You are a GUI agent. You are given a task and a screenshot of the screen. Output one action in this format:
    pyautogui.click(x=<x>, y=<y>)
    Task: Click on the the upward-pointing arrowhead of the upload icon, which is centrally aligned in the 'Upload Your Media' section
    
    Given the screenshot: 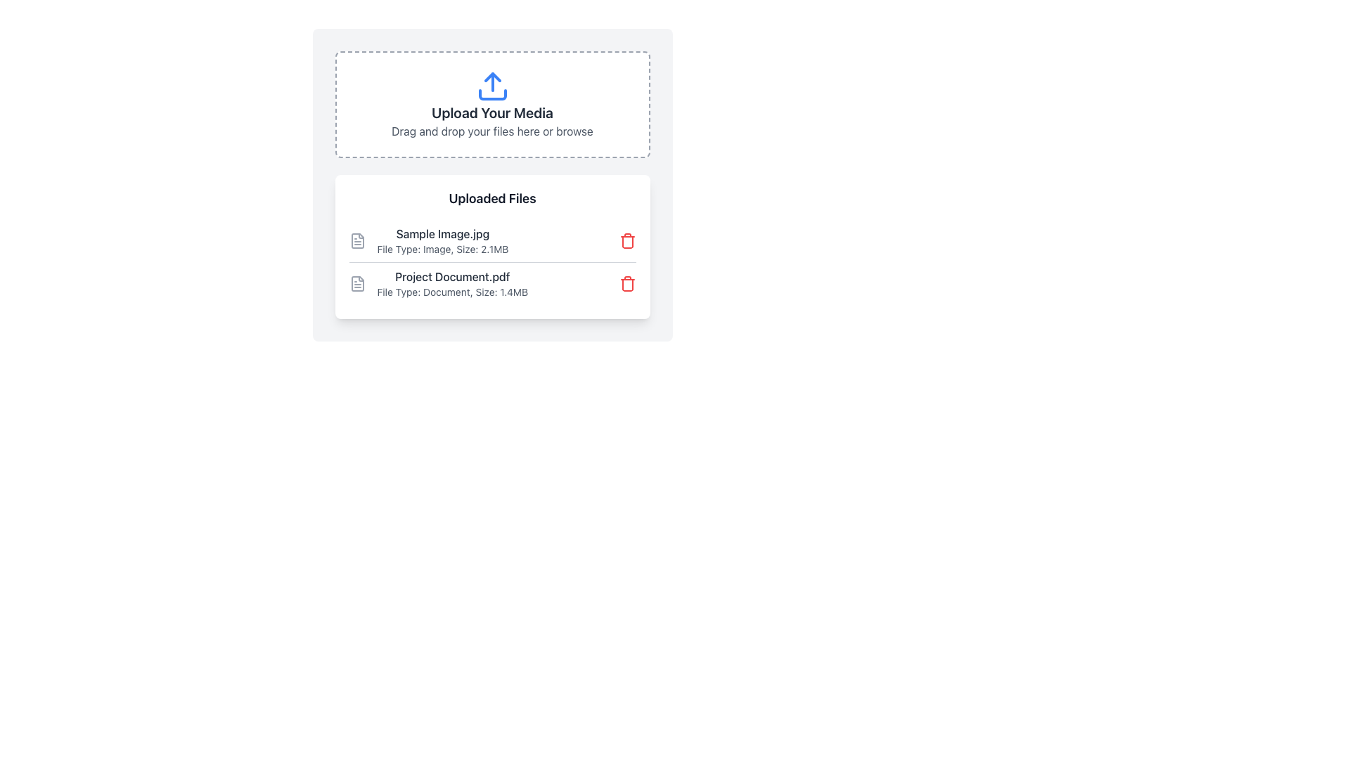 What is the action you would take?
    pyautogui.click(x=492, y=77)
    